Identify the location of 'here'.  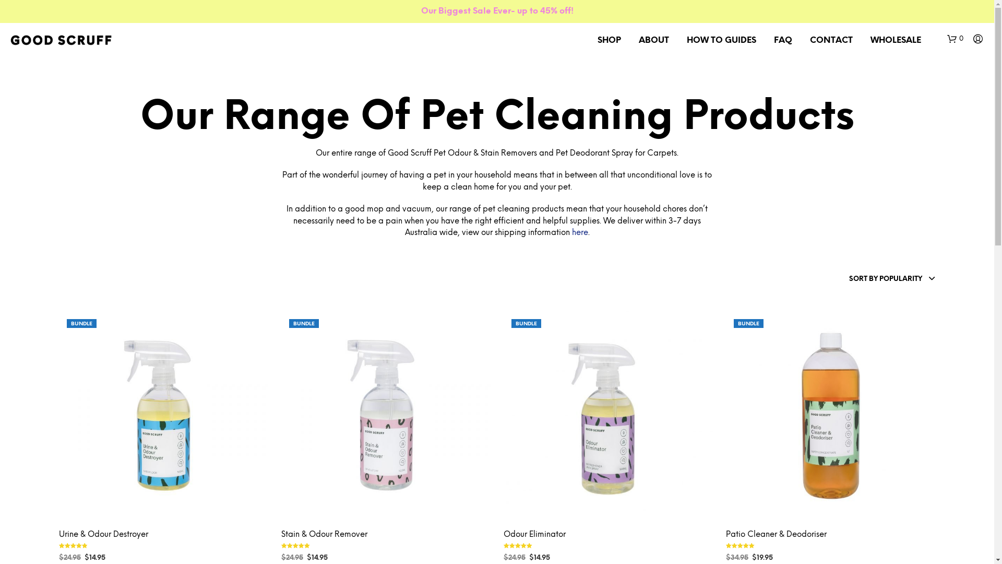
(579, 232).